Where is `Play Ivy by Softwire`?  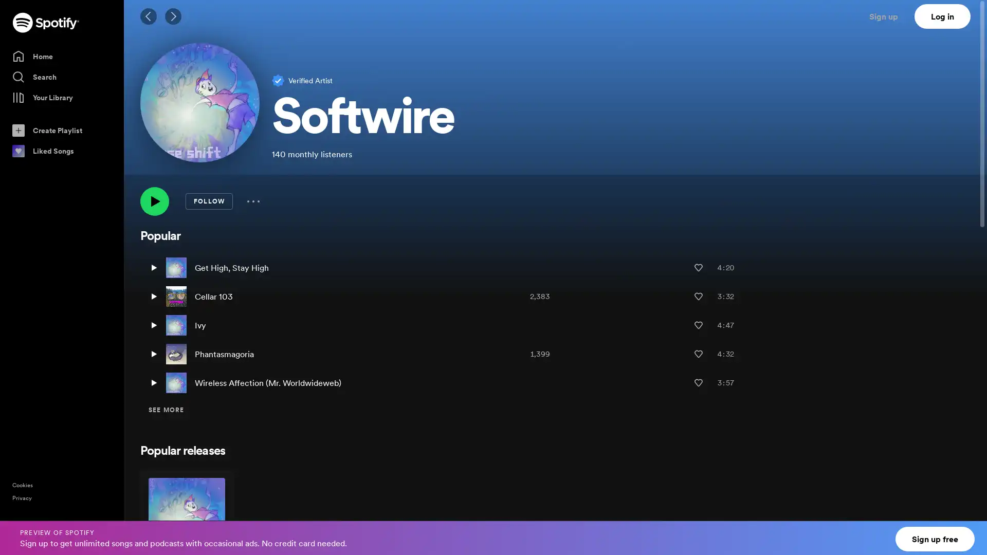
Play Ivy by Softwire is located at coordinates (153, 325).